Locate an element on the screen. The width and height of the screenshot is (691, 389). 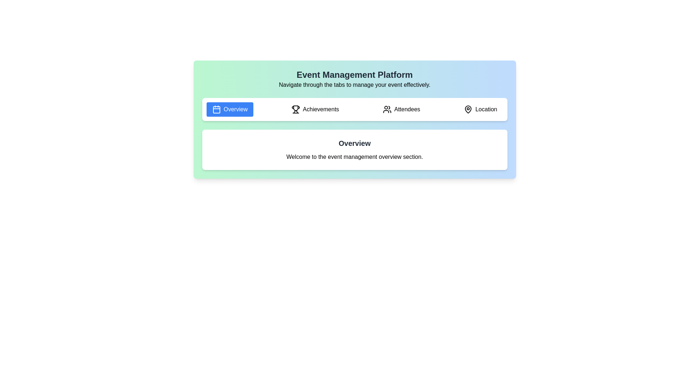
informational text header that contains 'Event Management Platform' and its subtext 'Navigate through the tabs to manage your event effectively.' is located at coordinates (354, 79).